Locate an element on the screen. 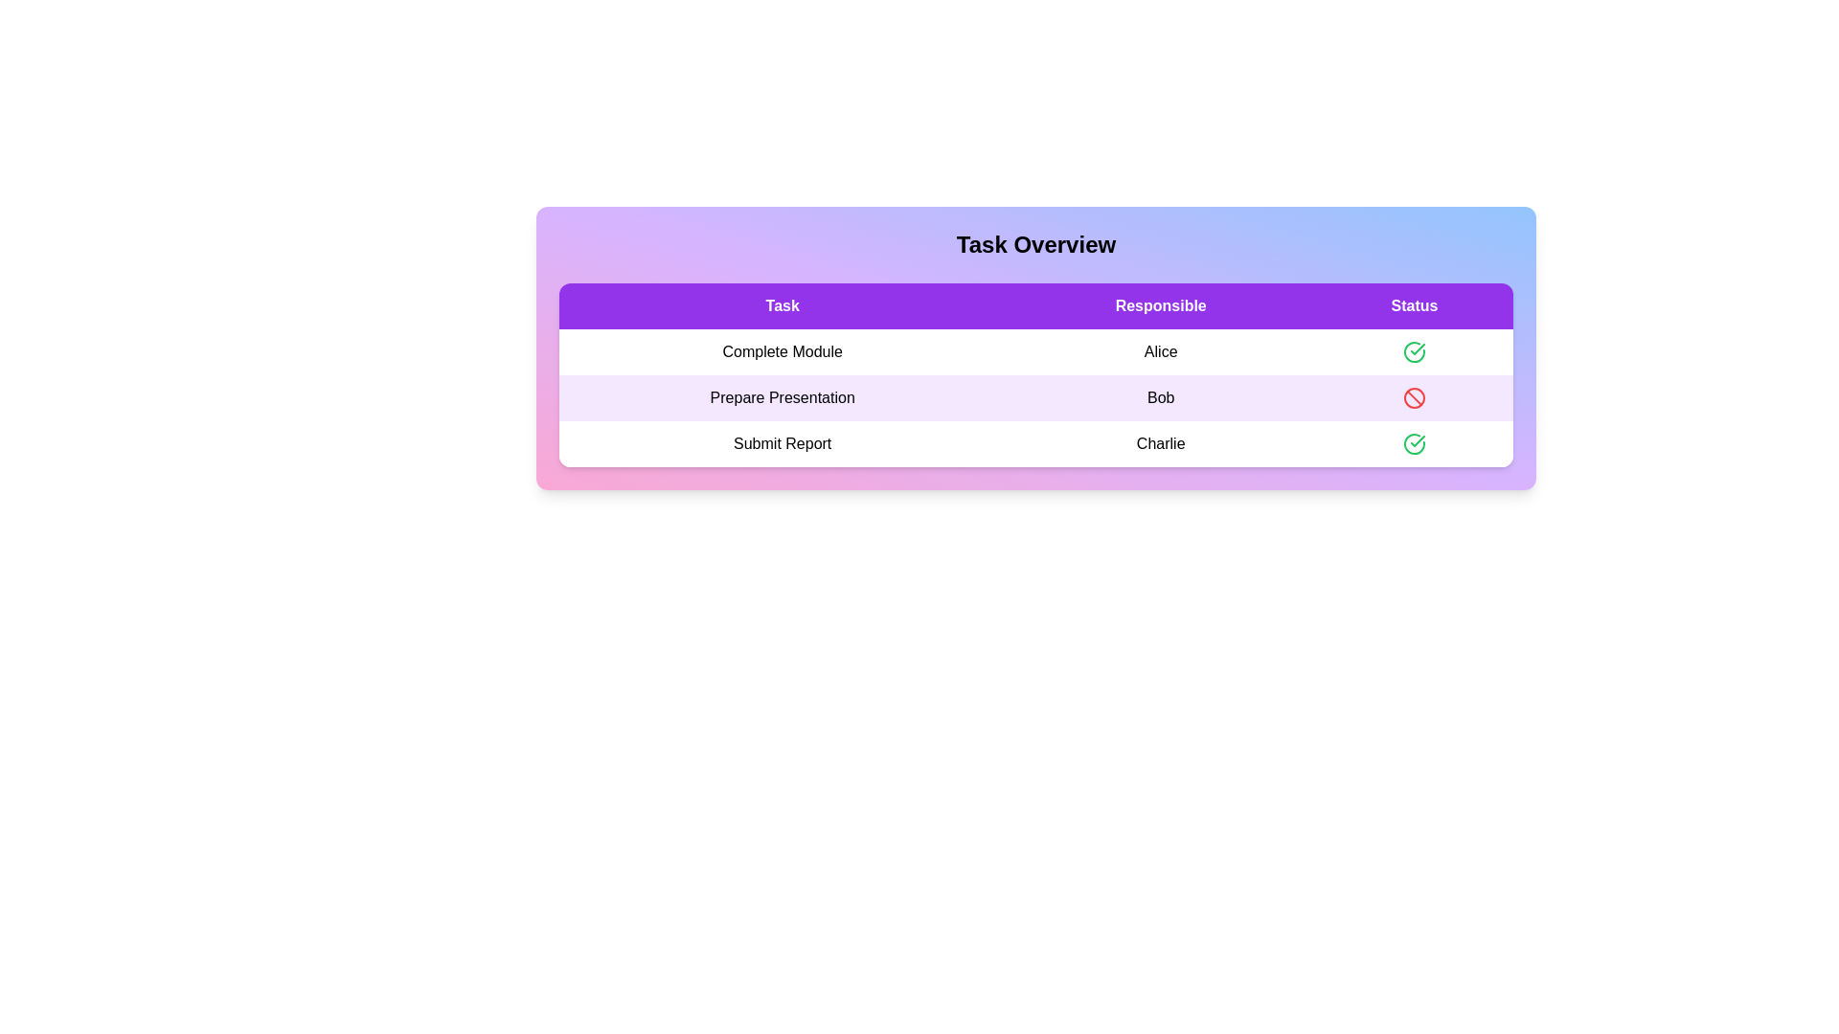 This screenshot has height=1034, width=1839. the green checkmark icon in the status column of the table, located in the last row corresponding to the 'Submit Report' task is located at coordinates (1415, 351).